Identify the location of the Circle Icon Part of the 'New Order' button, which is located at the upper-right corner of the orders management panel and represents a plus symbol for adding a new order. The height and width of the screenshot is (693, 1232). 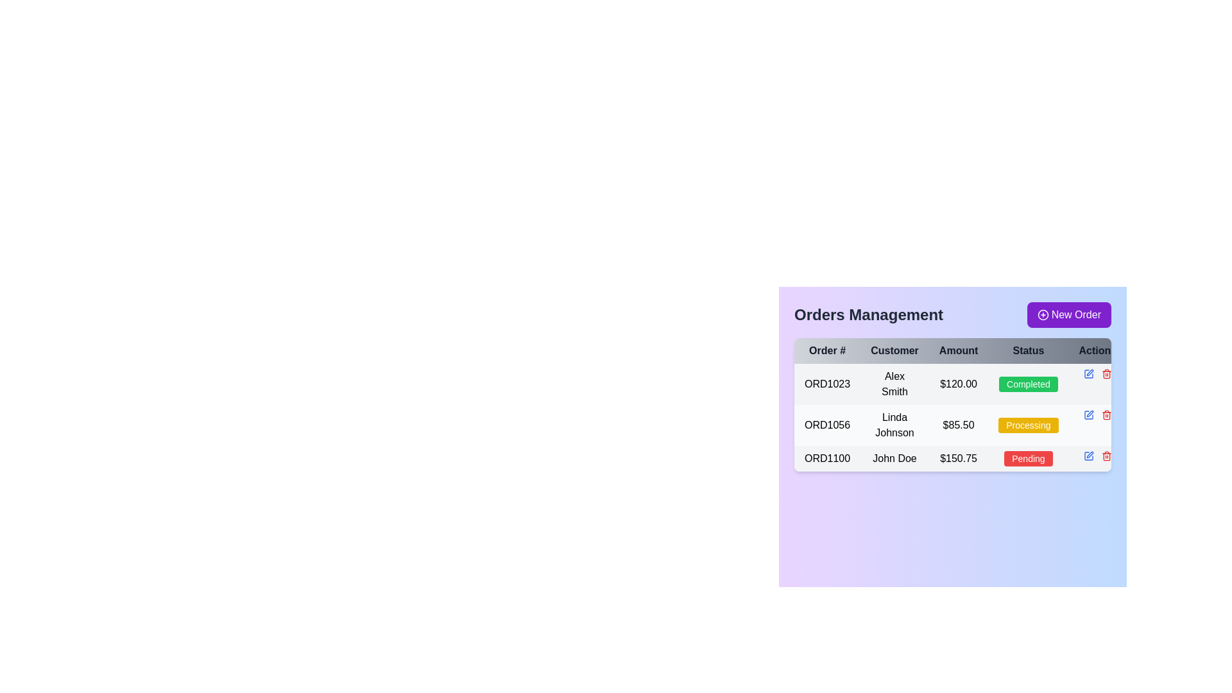
(1043, 314).